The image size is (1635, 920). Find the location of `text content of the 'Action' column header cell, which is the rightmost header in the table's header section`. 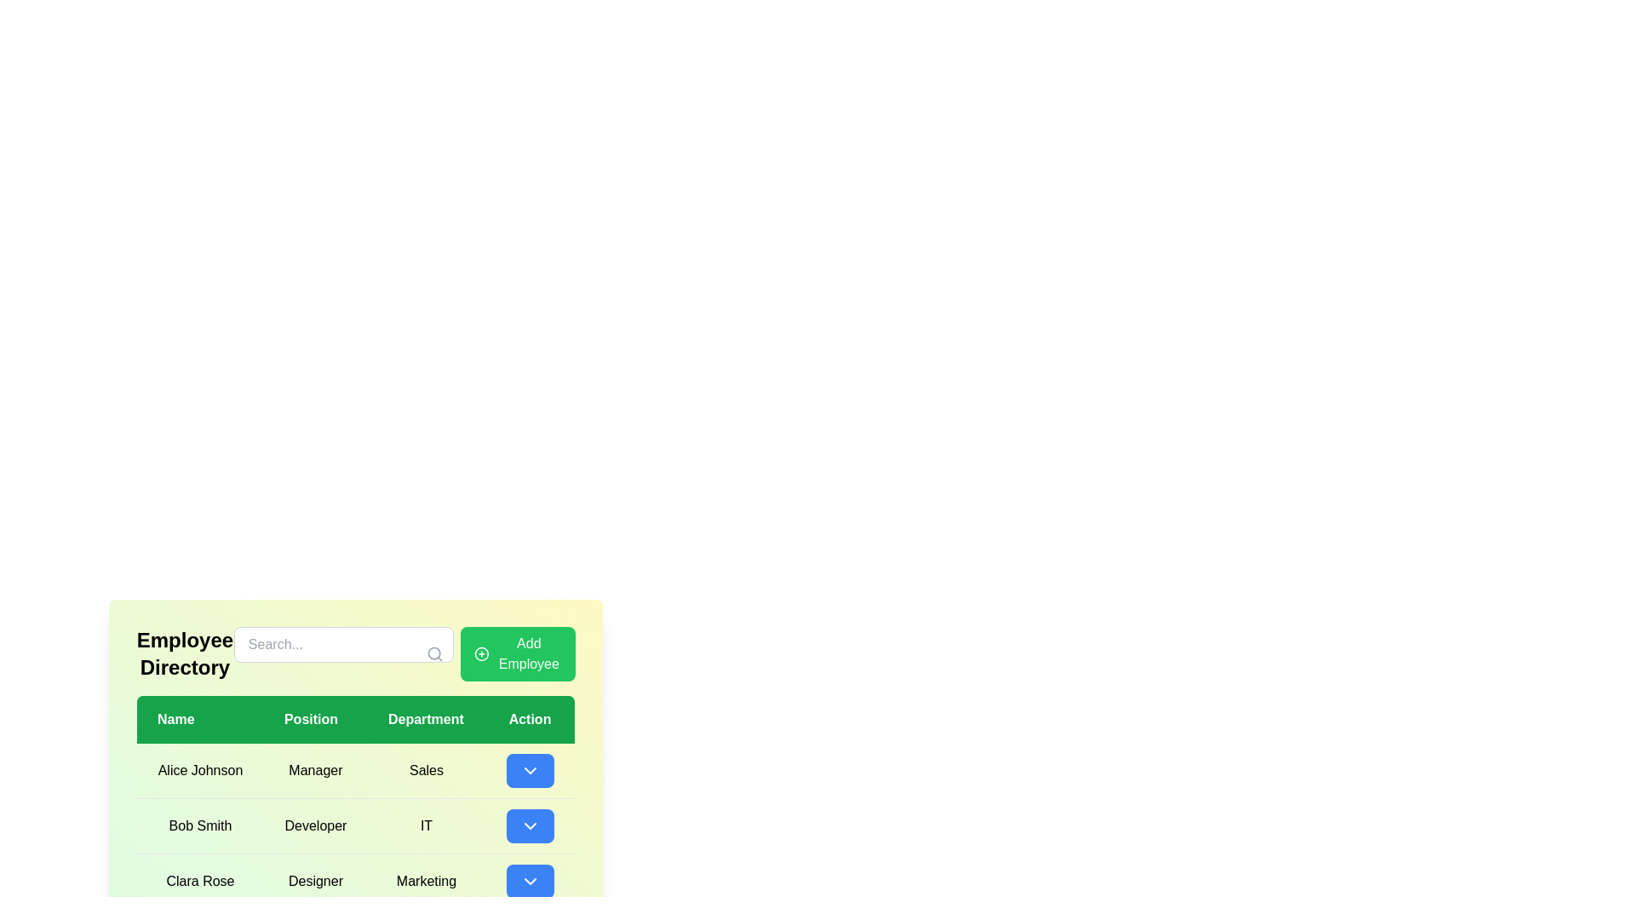

text content of the 'Action' column header cell, which is the rightmost header in the table's header section is located at coordinates (529, 719).